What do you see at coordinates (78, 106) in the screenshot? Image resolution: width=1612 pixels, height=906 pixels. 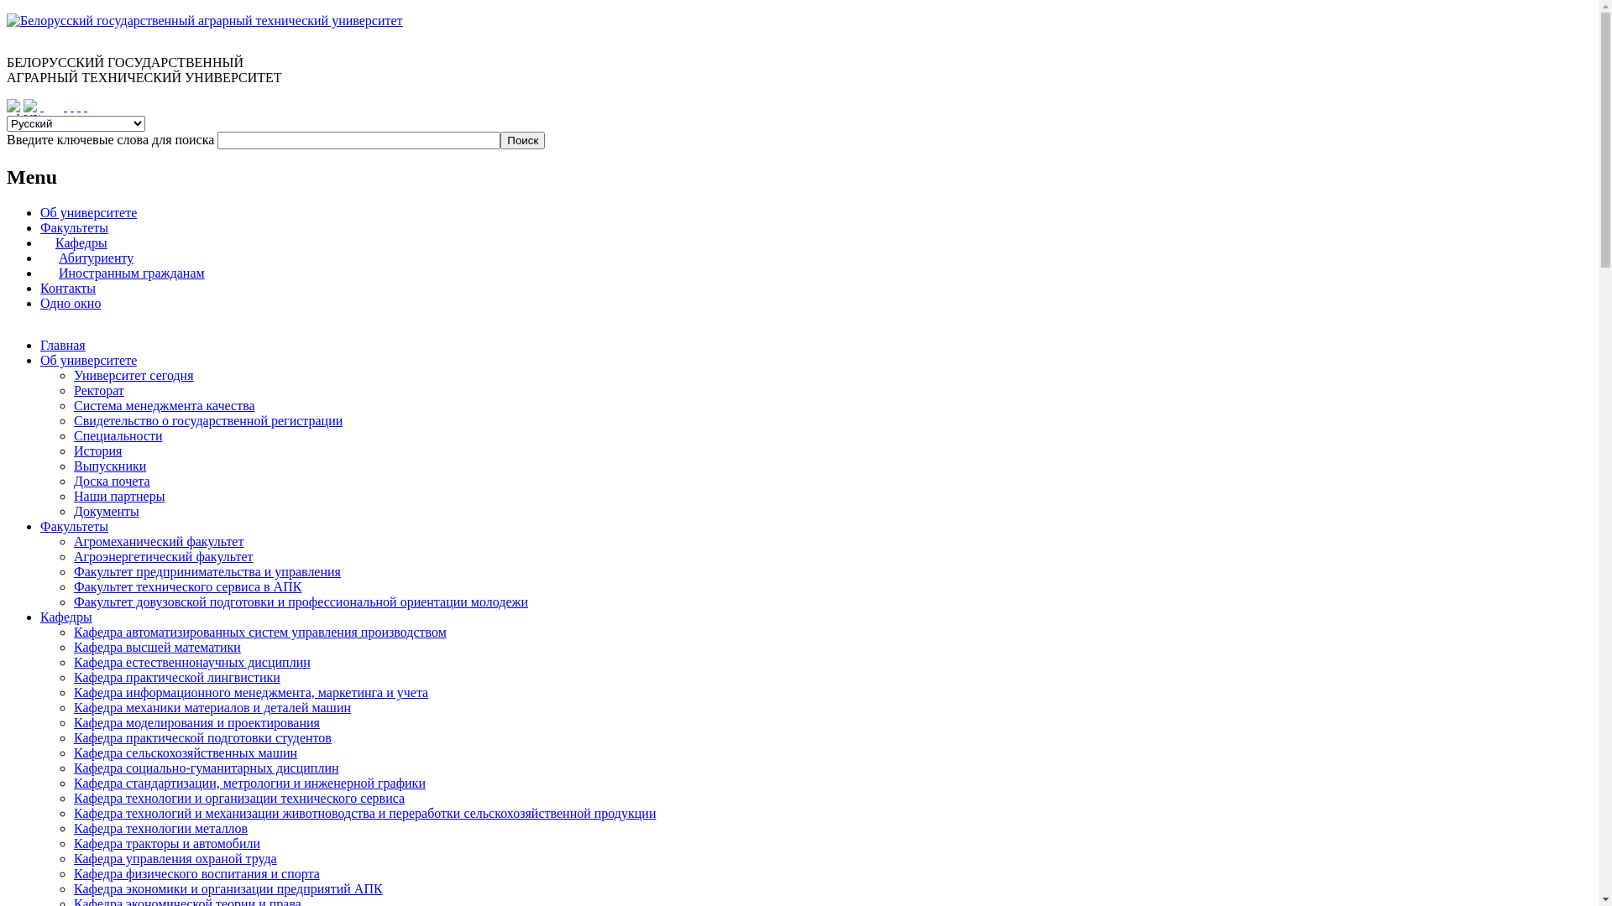 I see `' '` at bounding box center [78, 106].